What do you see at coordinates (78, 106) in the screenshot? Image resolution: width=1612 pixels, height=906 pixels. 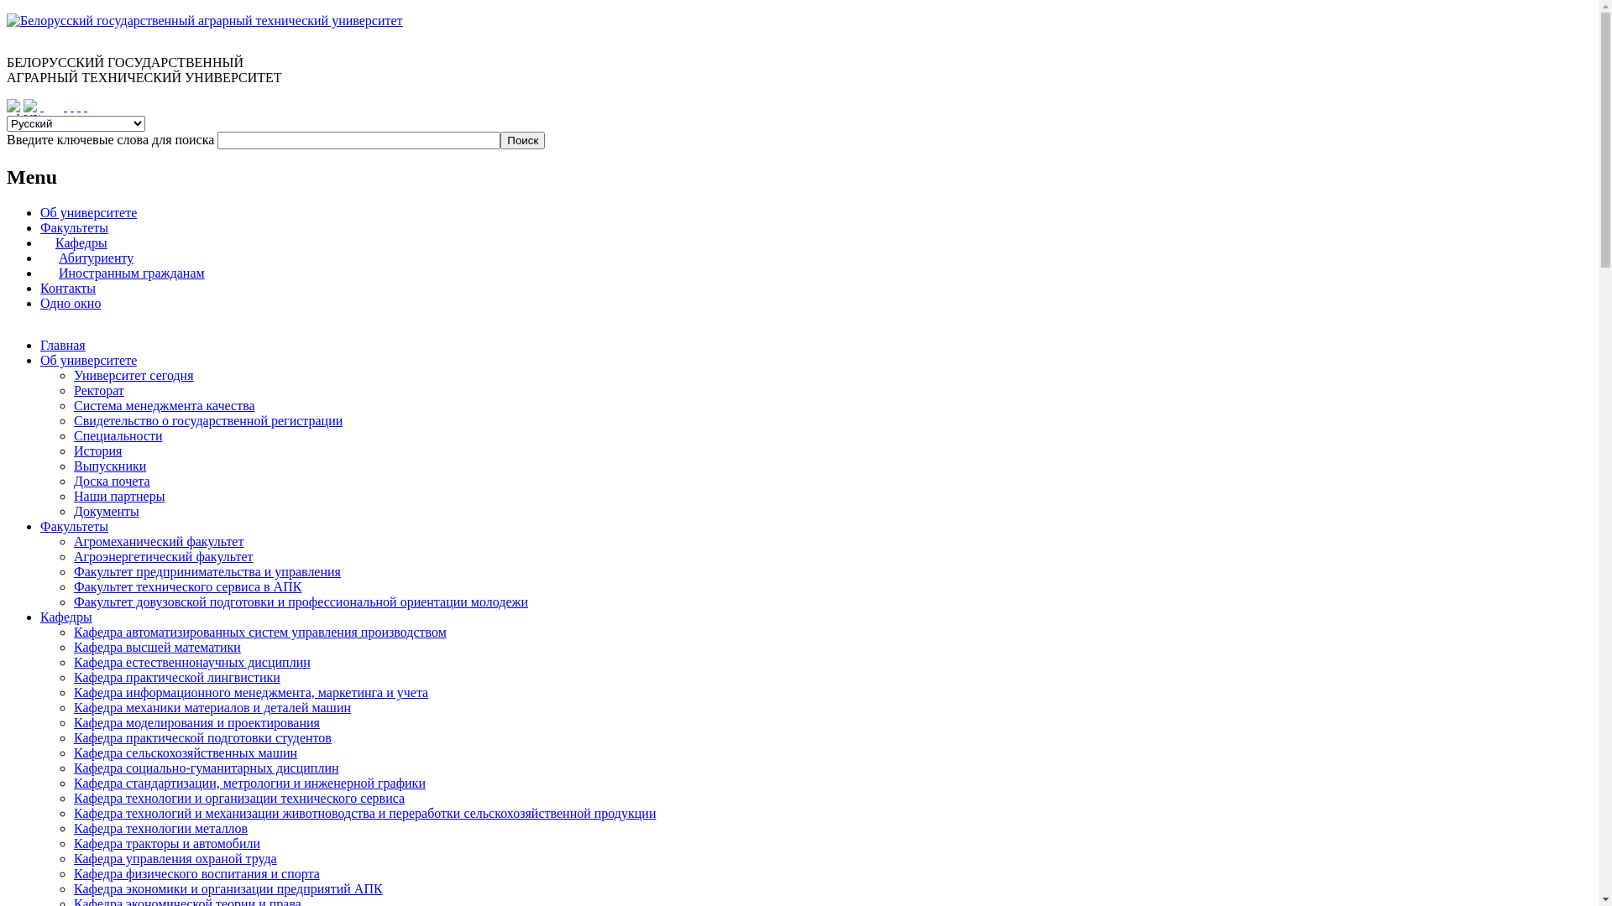 I see `' '` at bounding box center [78, 106].